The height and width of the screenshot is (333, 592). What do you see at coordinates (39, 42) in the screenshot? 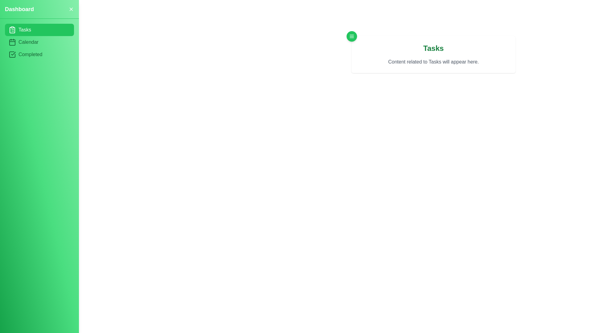
I see `the Calendar section by clicking on its corresponding menu item in the sidebar` at bounding box center [39, 42].